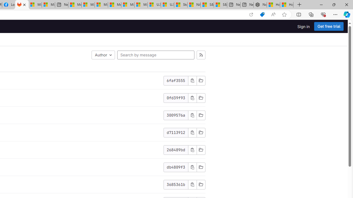  What do you see at coordinates (287, 5) in the screenshot?
I see `'How to Use a Monitor With Your Closed Laptop'` at bounding box center [287, 5].